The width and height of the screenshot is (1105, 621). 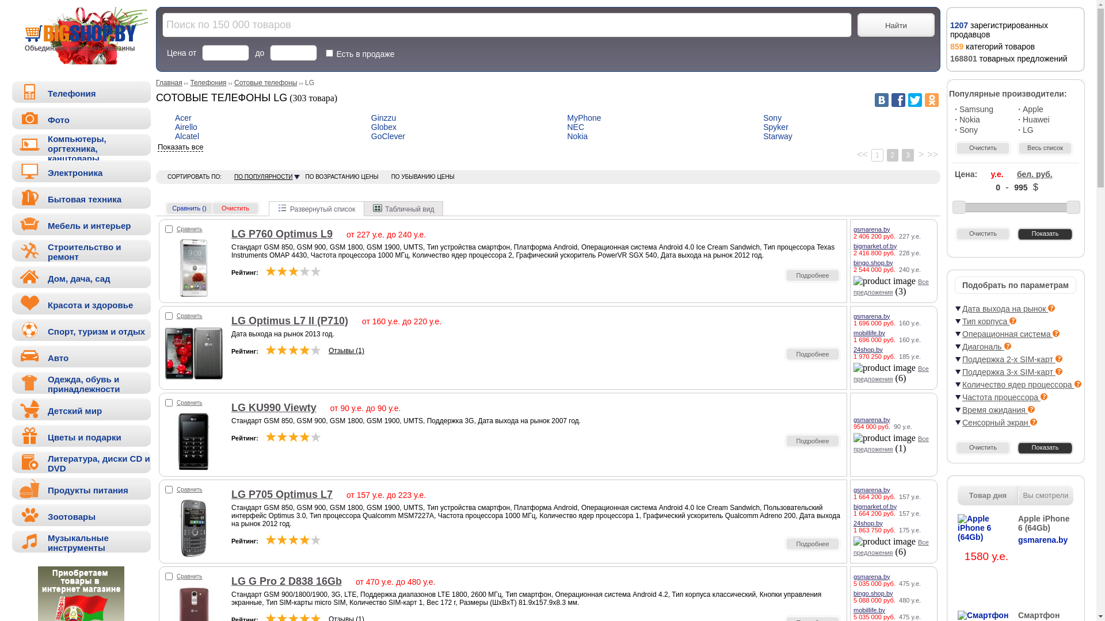 I want to click on 'Samsung', so click(x=982, y=109).